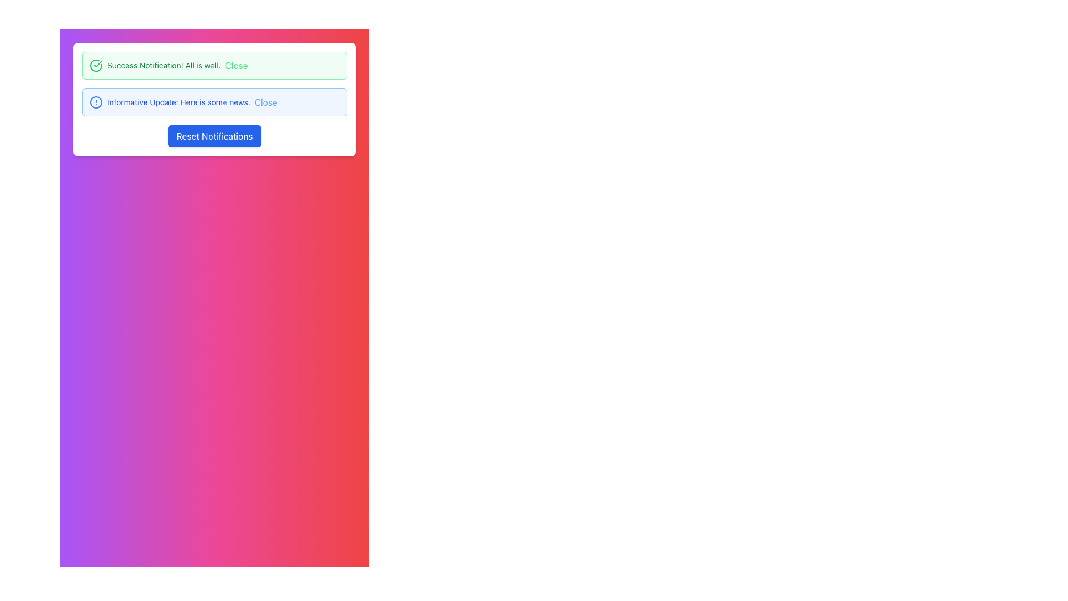  I want to click on the informational alert icon located to the left of the text block 'Informative Update: Here is some news.' It is the second icon from the top in the notification list, so click(96, 102).